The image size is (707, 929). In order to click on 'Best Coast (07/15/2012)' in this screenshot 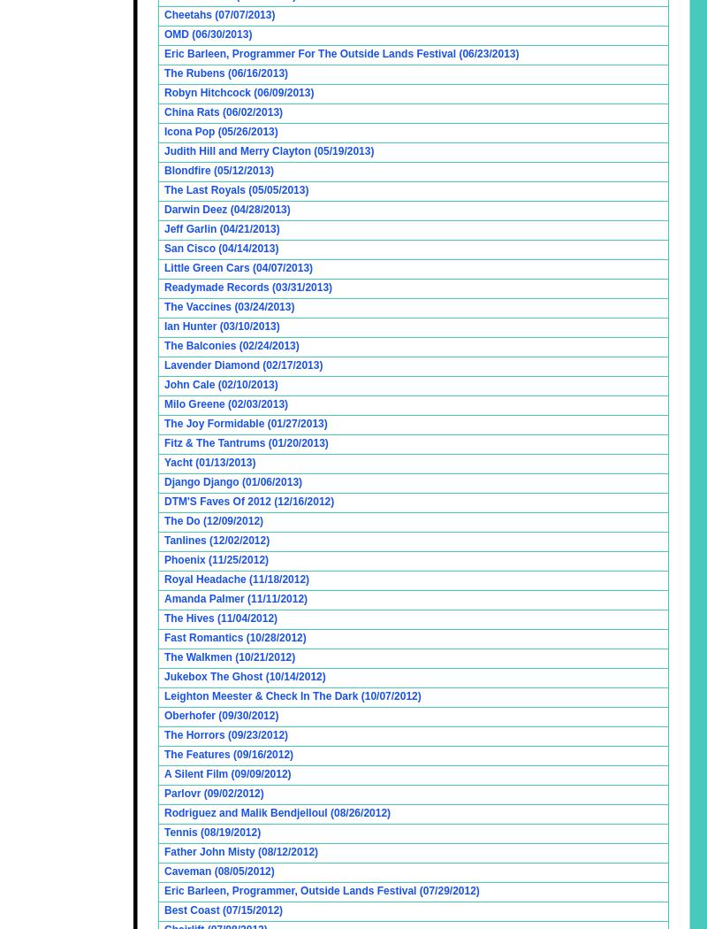, I will do `click(223, 910)`.